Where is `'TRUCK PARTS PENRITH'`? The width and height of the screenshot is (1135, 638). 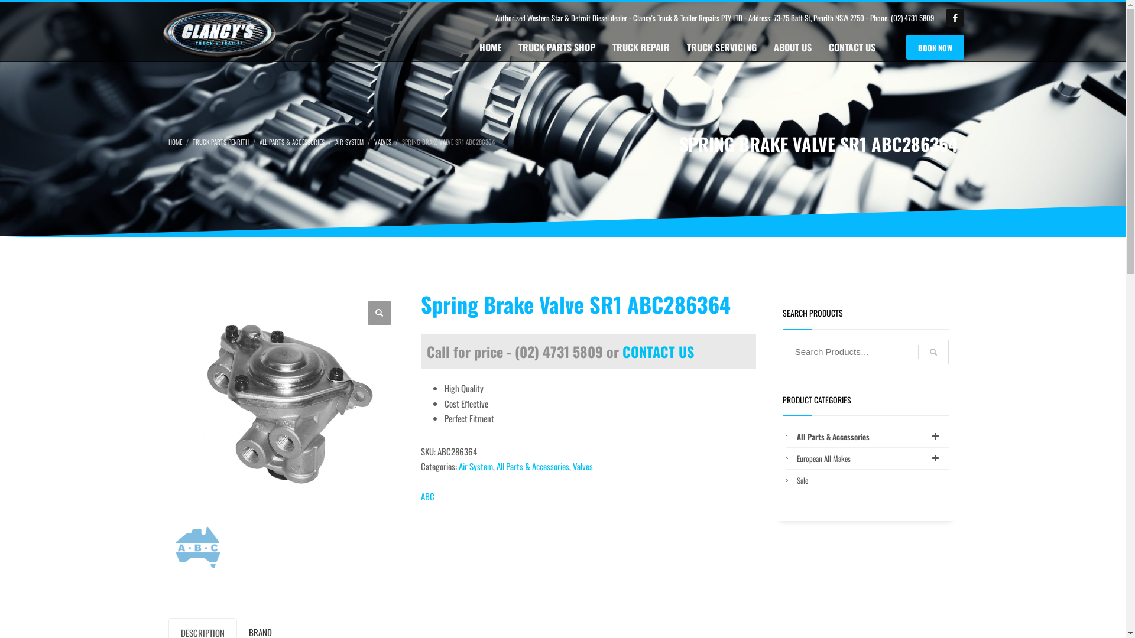
'TRUCK PARTS PENRITH' is located at coordinates (220, 141).